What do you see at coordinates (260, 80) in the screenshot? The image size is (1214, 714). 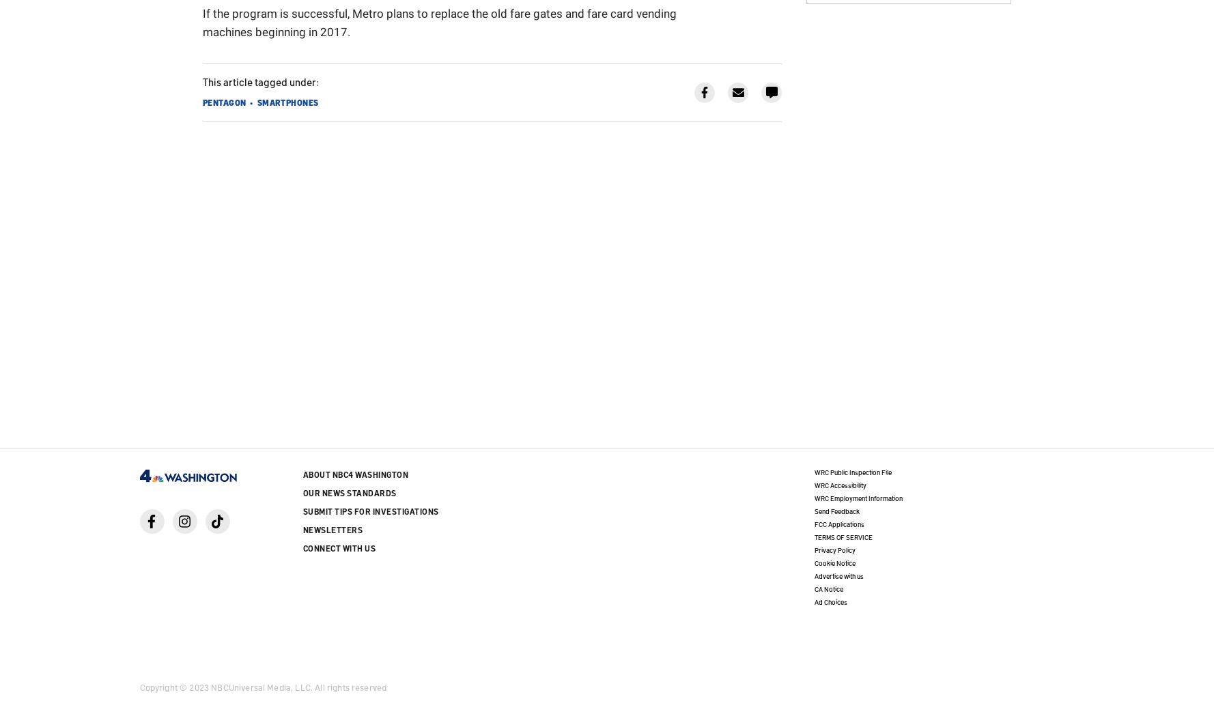 I see `'This article tagged under:'` at bounding box center [260, 80].